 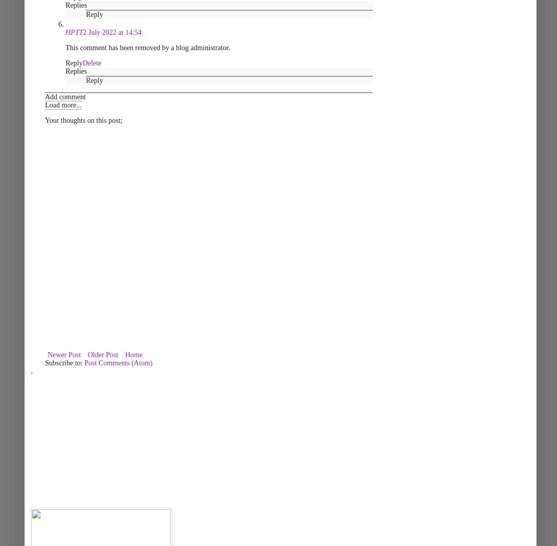 I want to click on 'This comment has been removed by a blog administrator.', so click(x=147, y=47).